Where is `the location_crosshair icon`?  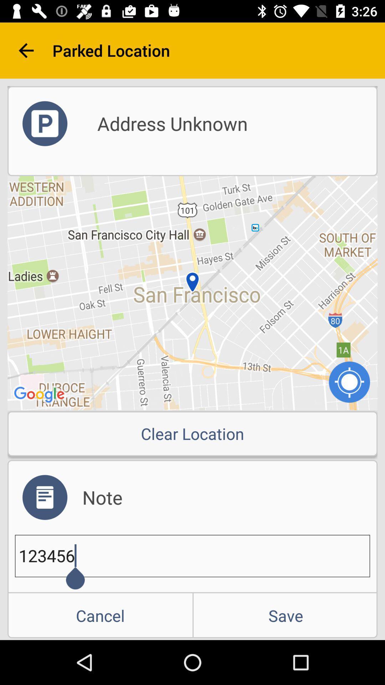
the location_crosshair icon is located at coordinates (349, 381).